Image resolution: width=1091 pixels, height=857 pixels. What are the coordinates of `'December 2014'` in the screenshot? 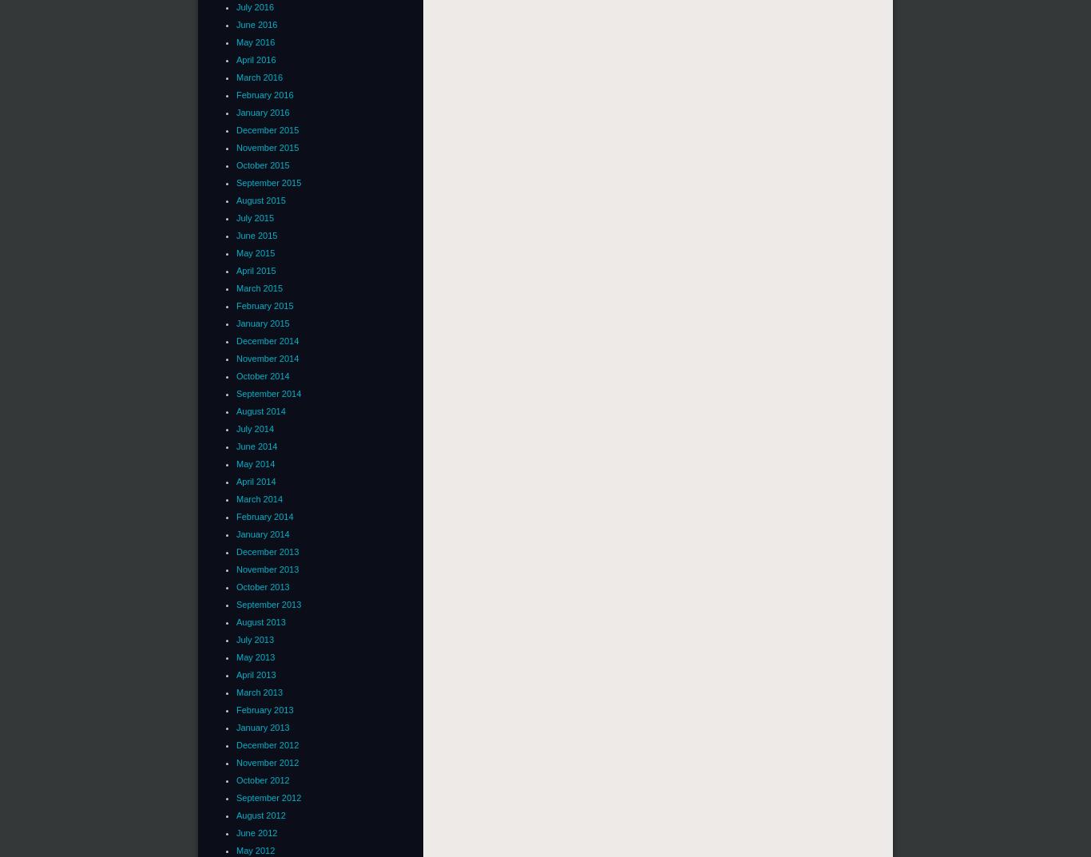 It's located at (267, 339).